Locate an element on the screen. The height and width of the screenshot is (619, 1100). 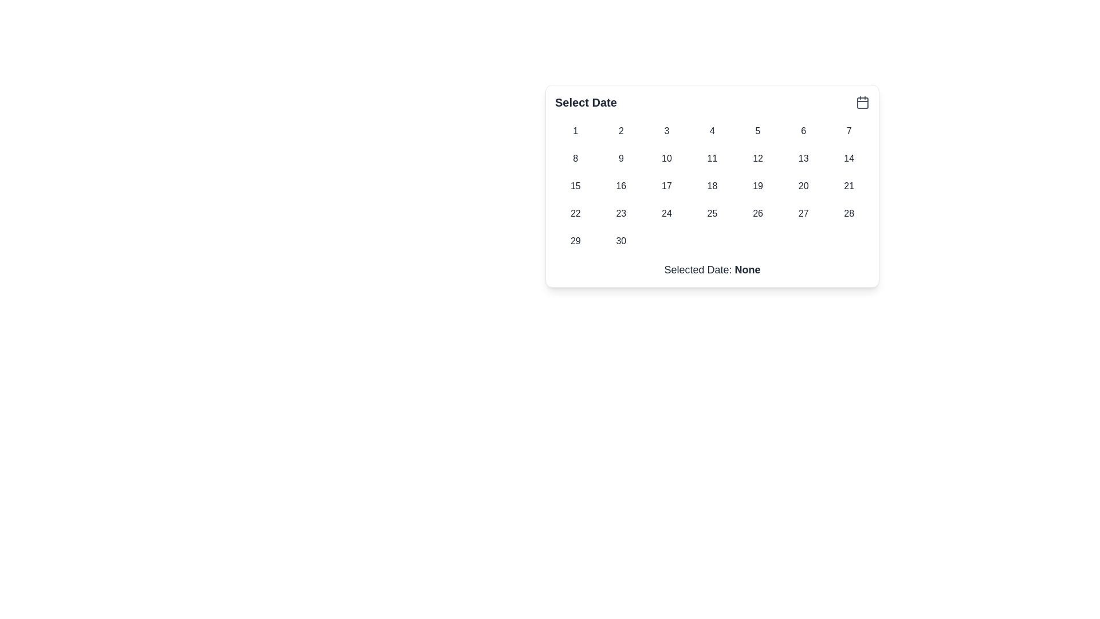
the button displaying the number '17' in the grid calendar layout is located at coordinates (666, 185).